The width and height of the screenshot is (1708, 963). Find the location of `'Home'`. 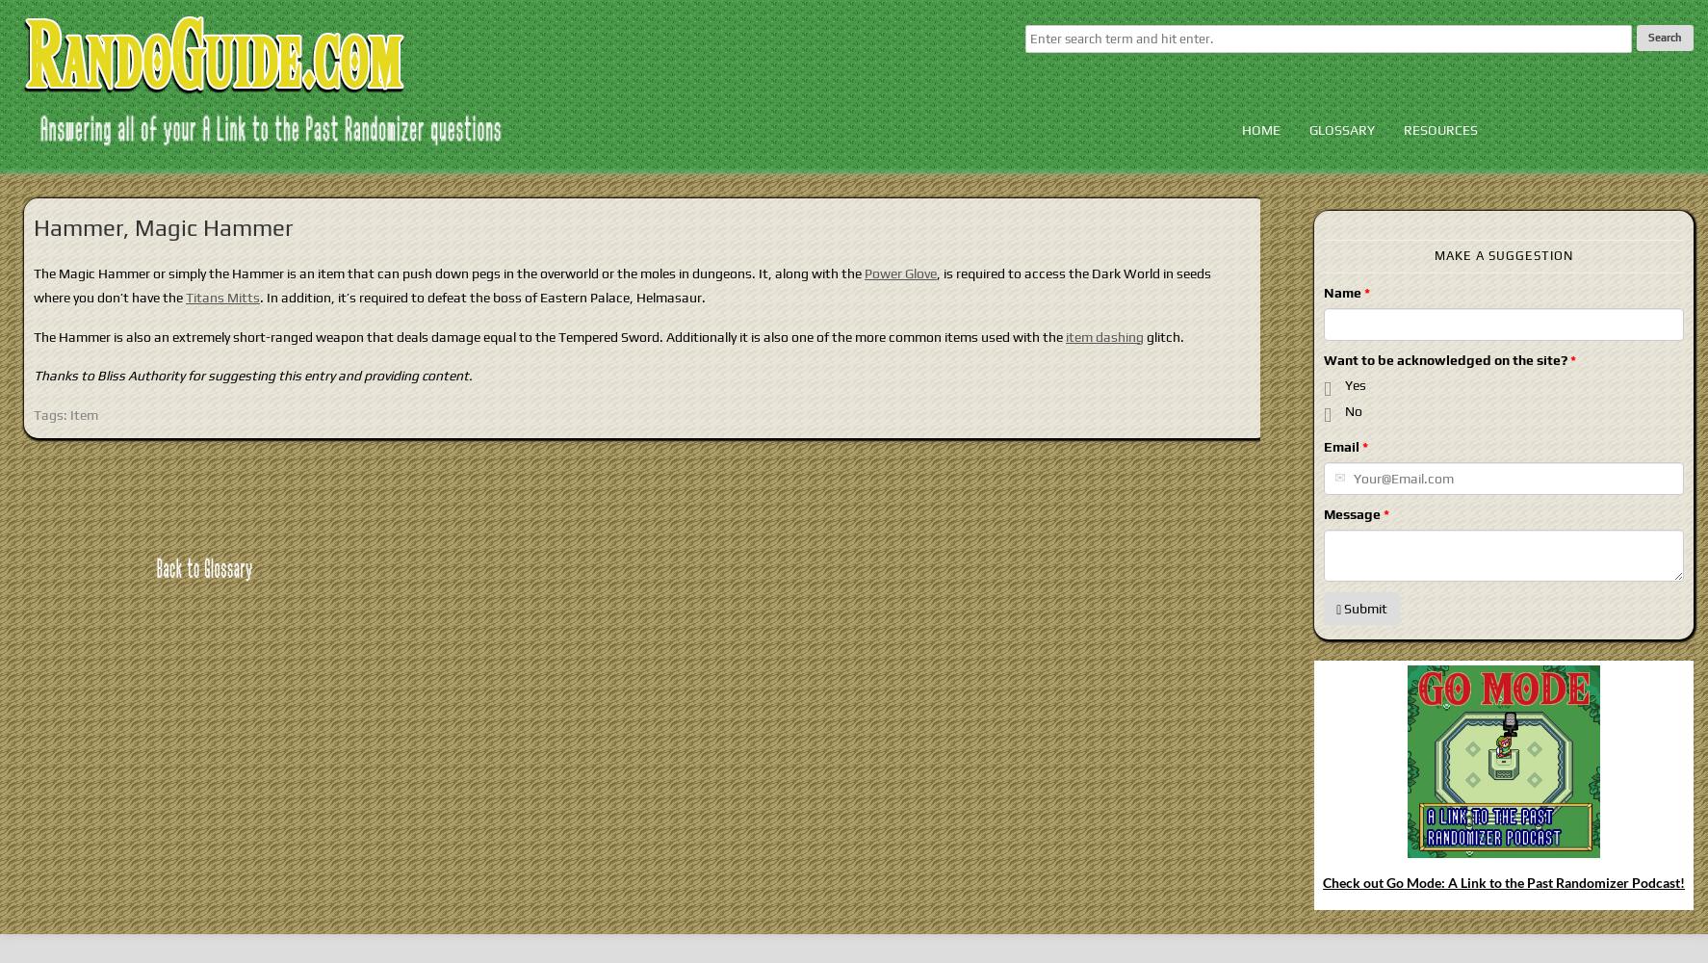

'Home' is located at coordinates (1239, 130).